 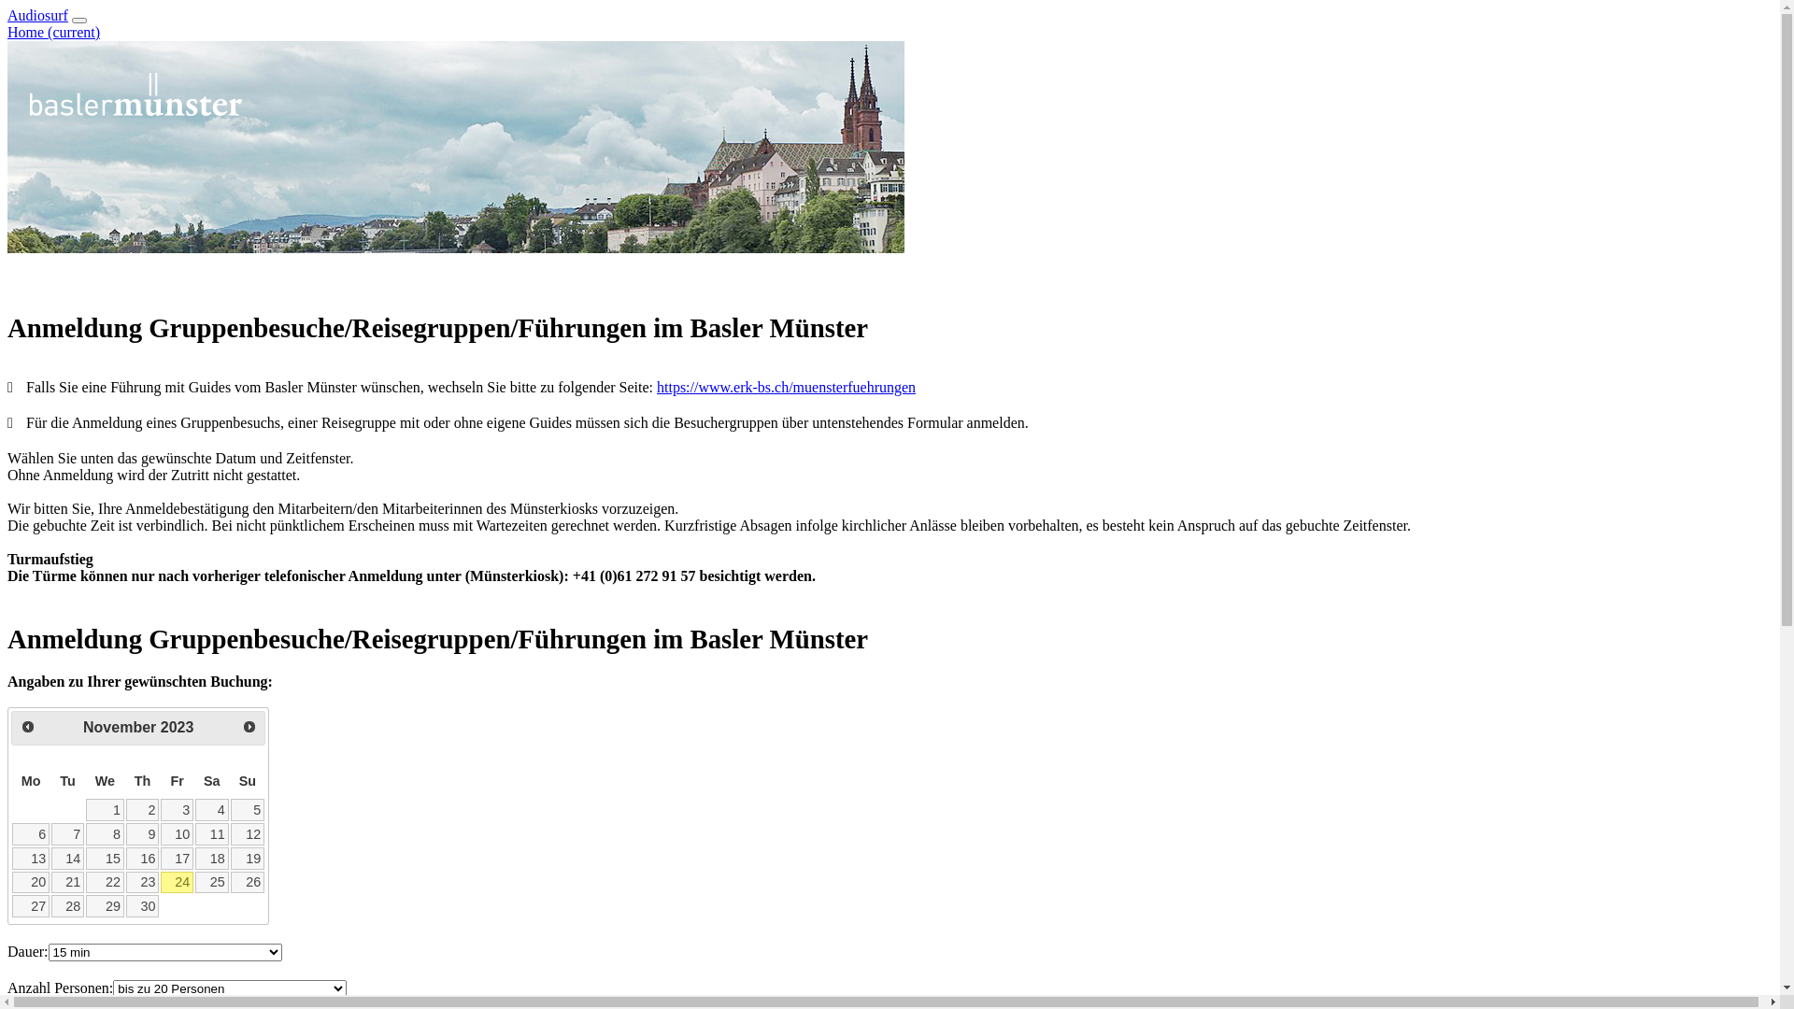 What do you see at coordinates (161, 833) in the screenshot?
I see `'10'` at bounding box center [161, 833].